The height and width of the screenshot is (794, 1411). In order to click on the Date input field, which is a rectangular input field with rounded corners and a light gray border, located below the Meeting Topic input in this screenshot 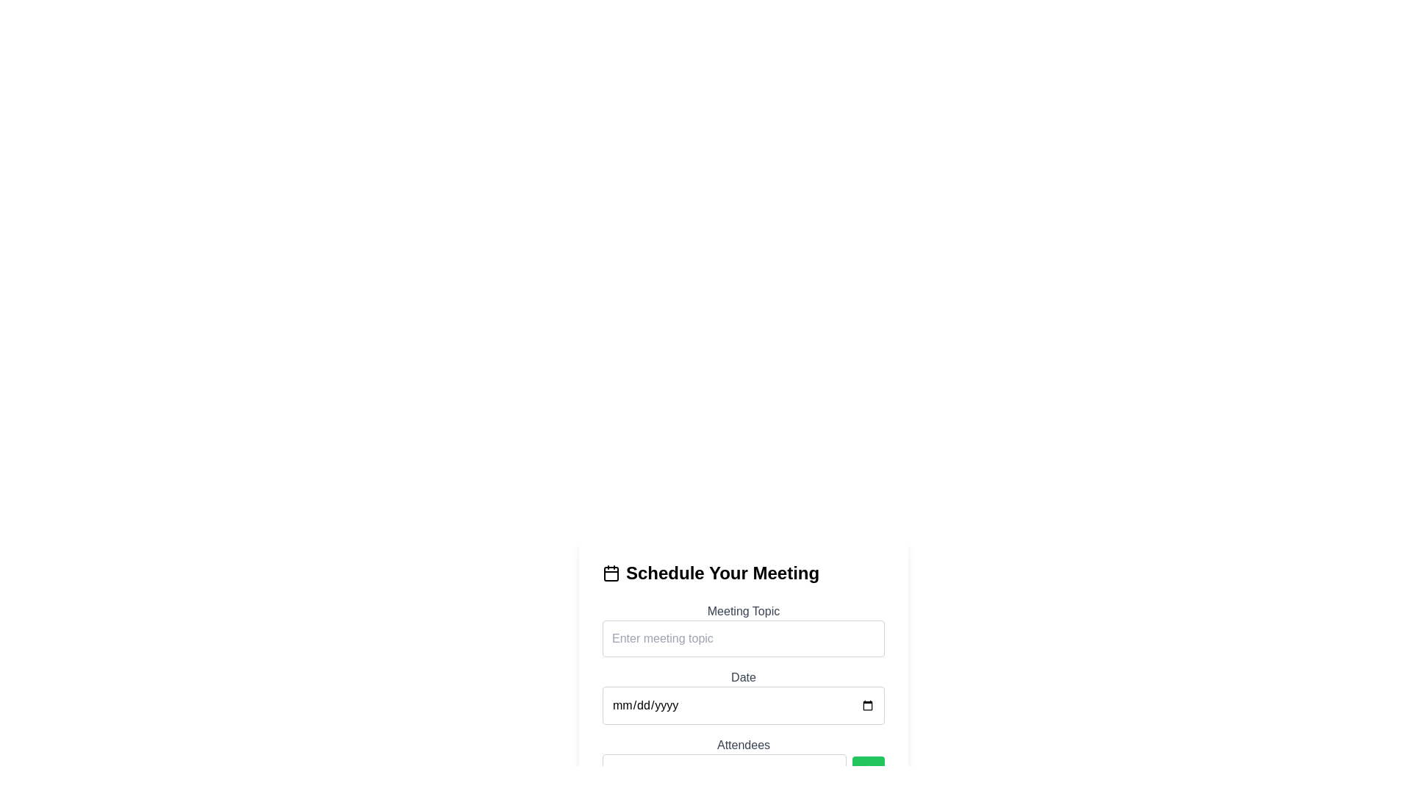, I will do `click(744, 705)`.